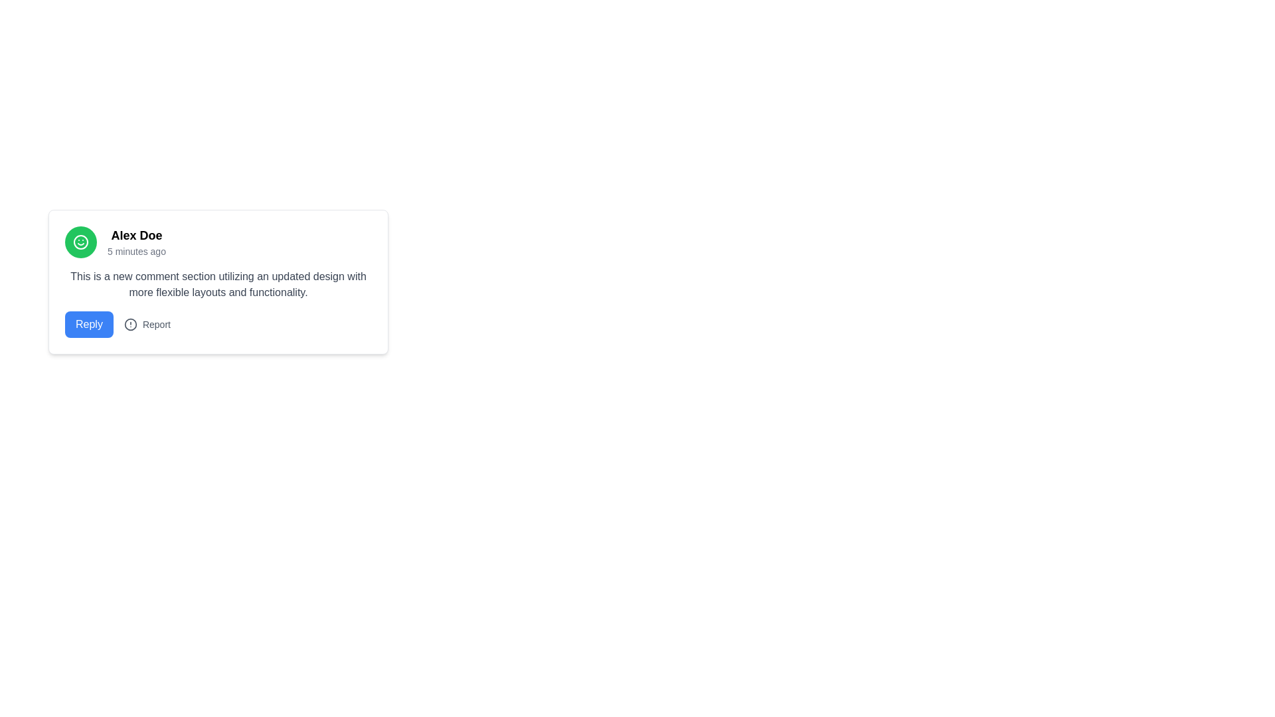 This screenshot has width=1275, height=717. I want to click on text displayed in the comment block located below the user's name 'Alex Doe' and timestamp '5 minutes ago', and above the action buttons 'Reply' and 'Report', so click(218, 283).